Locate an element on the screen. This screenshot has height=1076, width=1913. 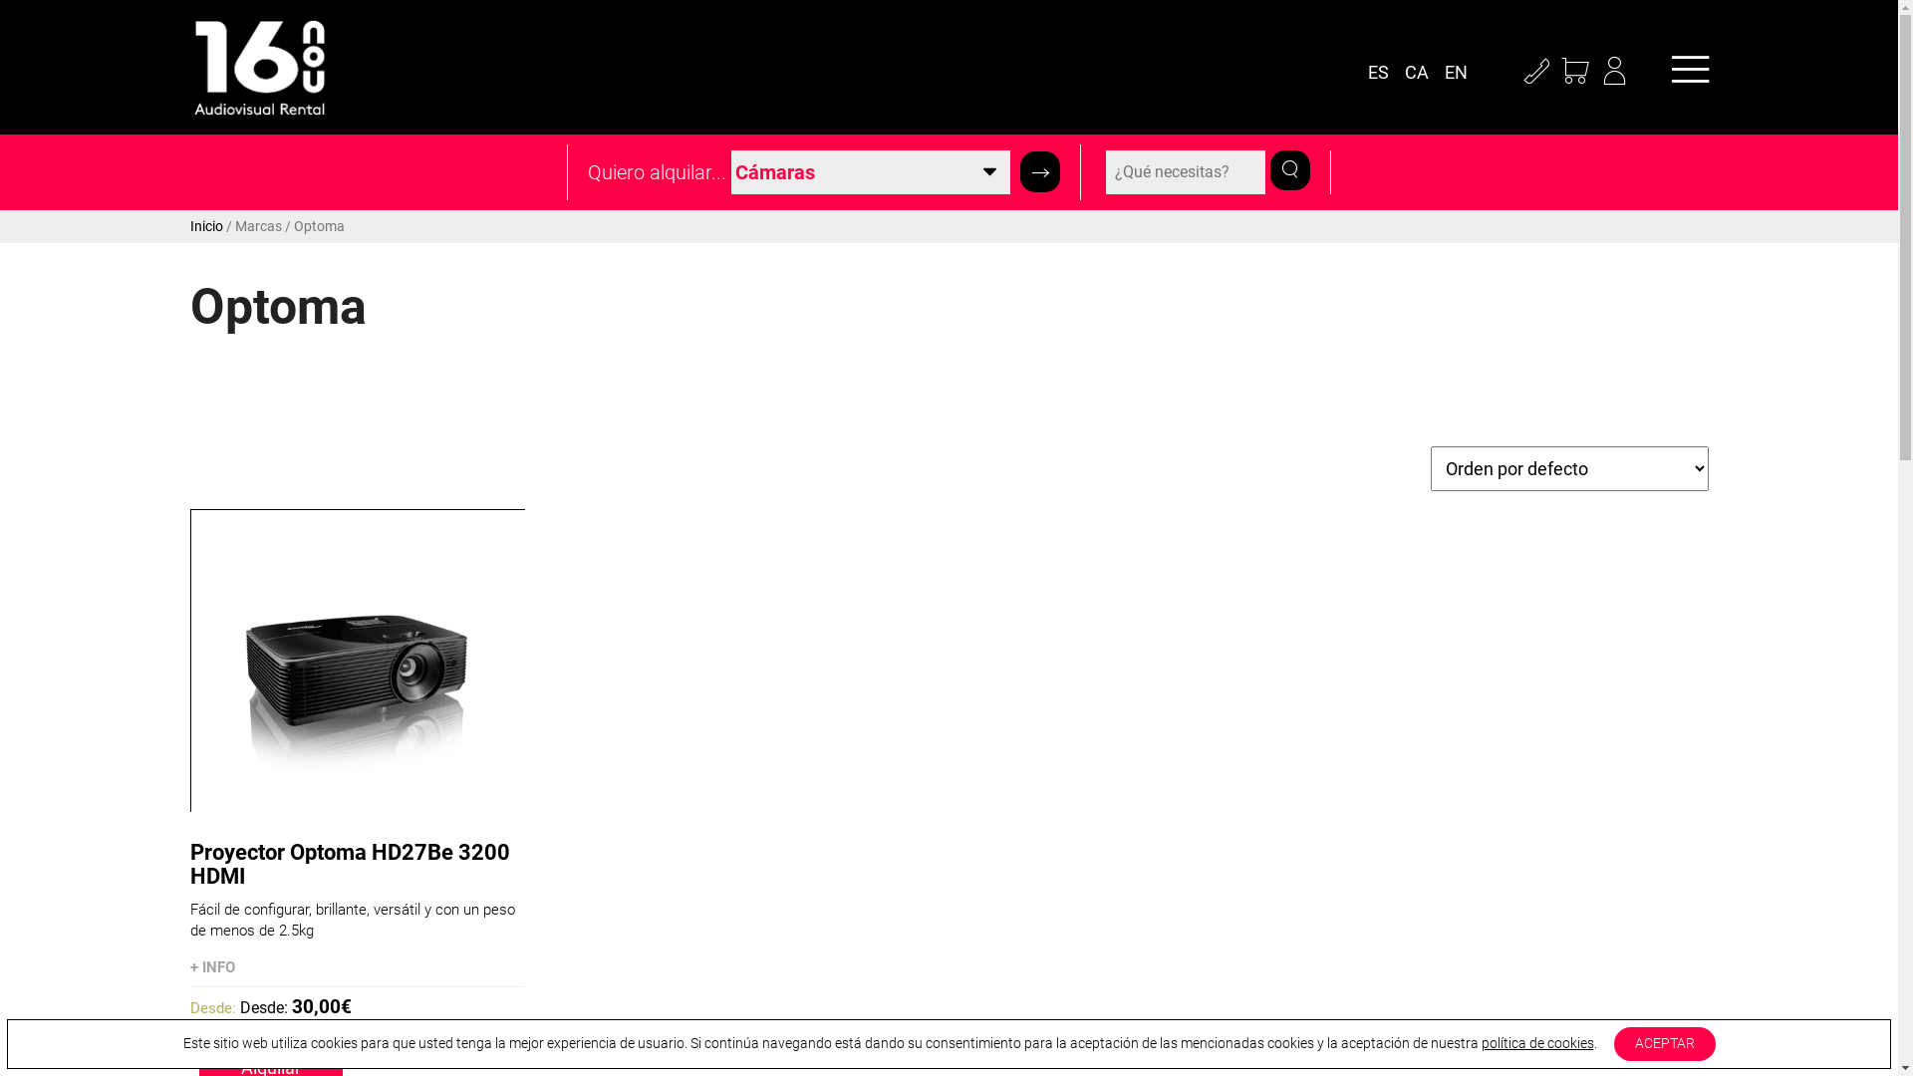
'Inicio' is located at coordinates (205, 225).